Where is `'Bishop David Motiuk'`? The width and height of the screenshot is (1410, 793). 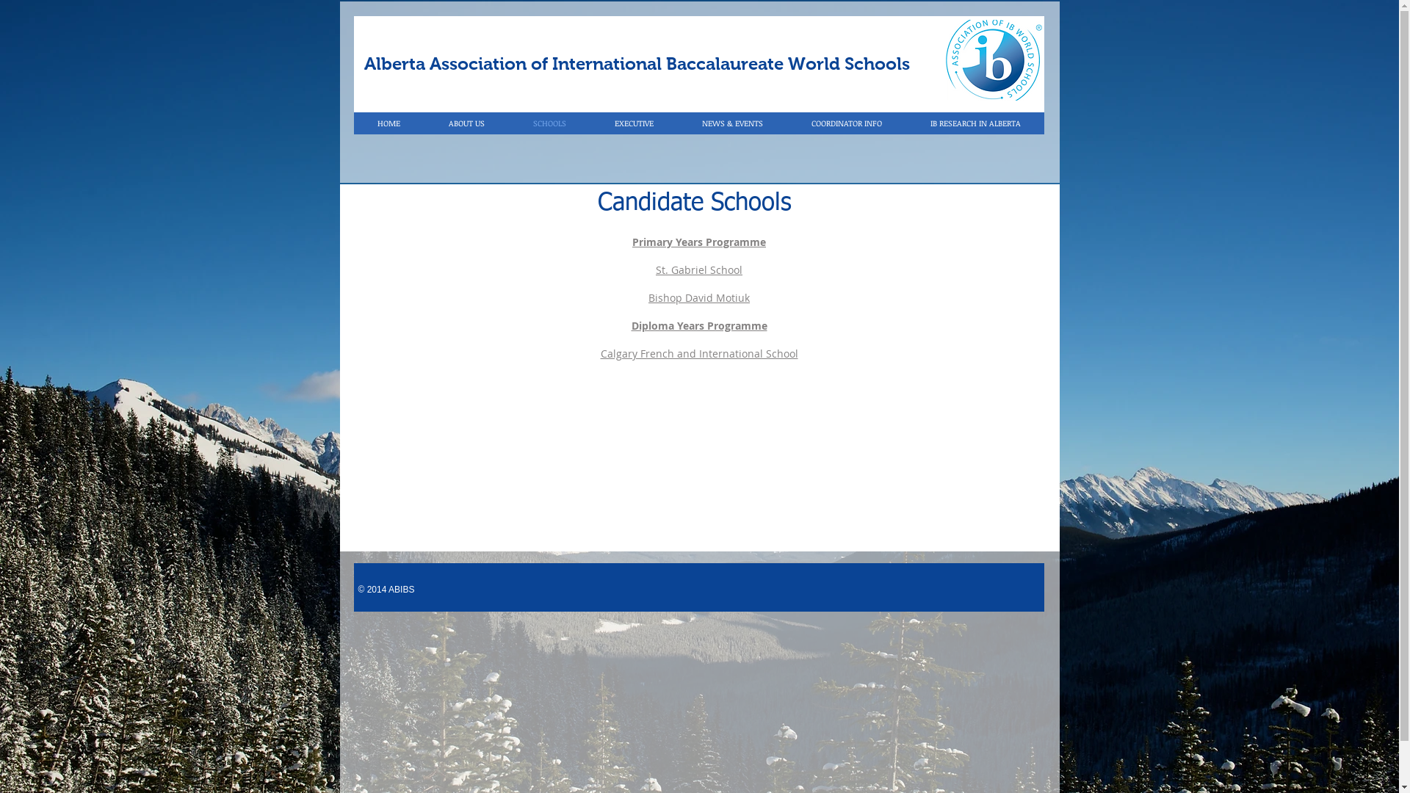 'Bishop David Motiuk' is located at coordinates (698, 297).